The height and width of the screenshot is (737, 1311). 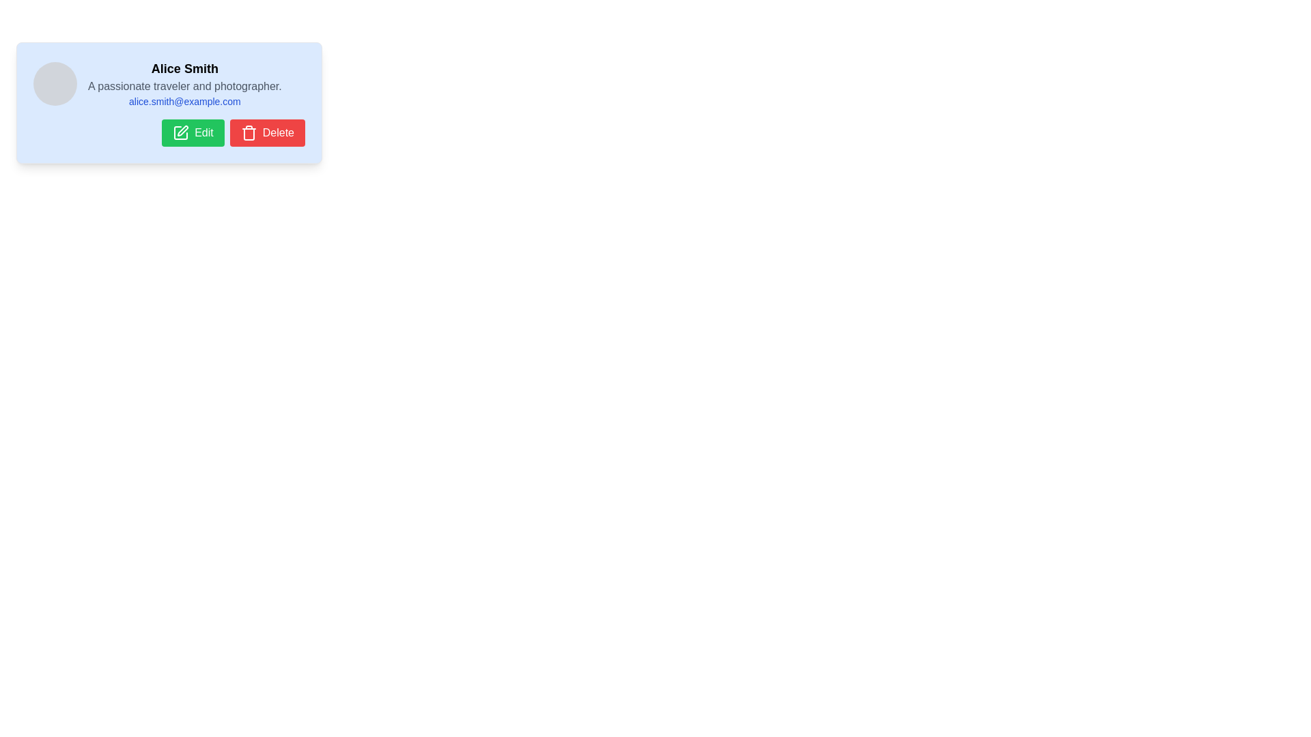 What do you see at coordinates (267, 133) in the screenshot?
I see `the rectangular red button with white rounded text 'Delete' and a trash can icon, located to the right of the green 'Edit' button, to observe its hover effect` at bounding box center [267, 133].